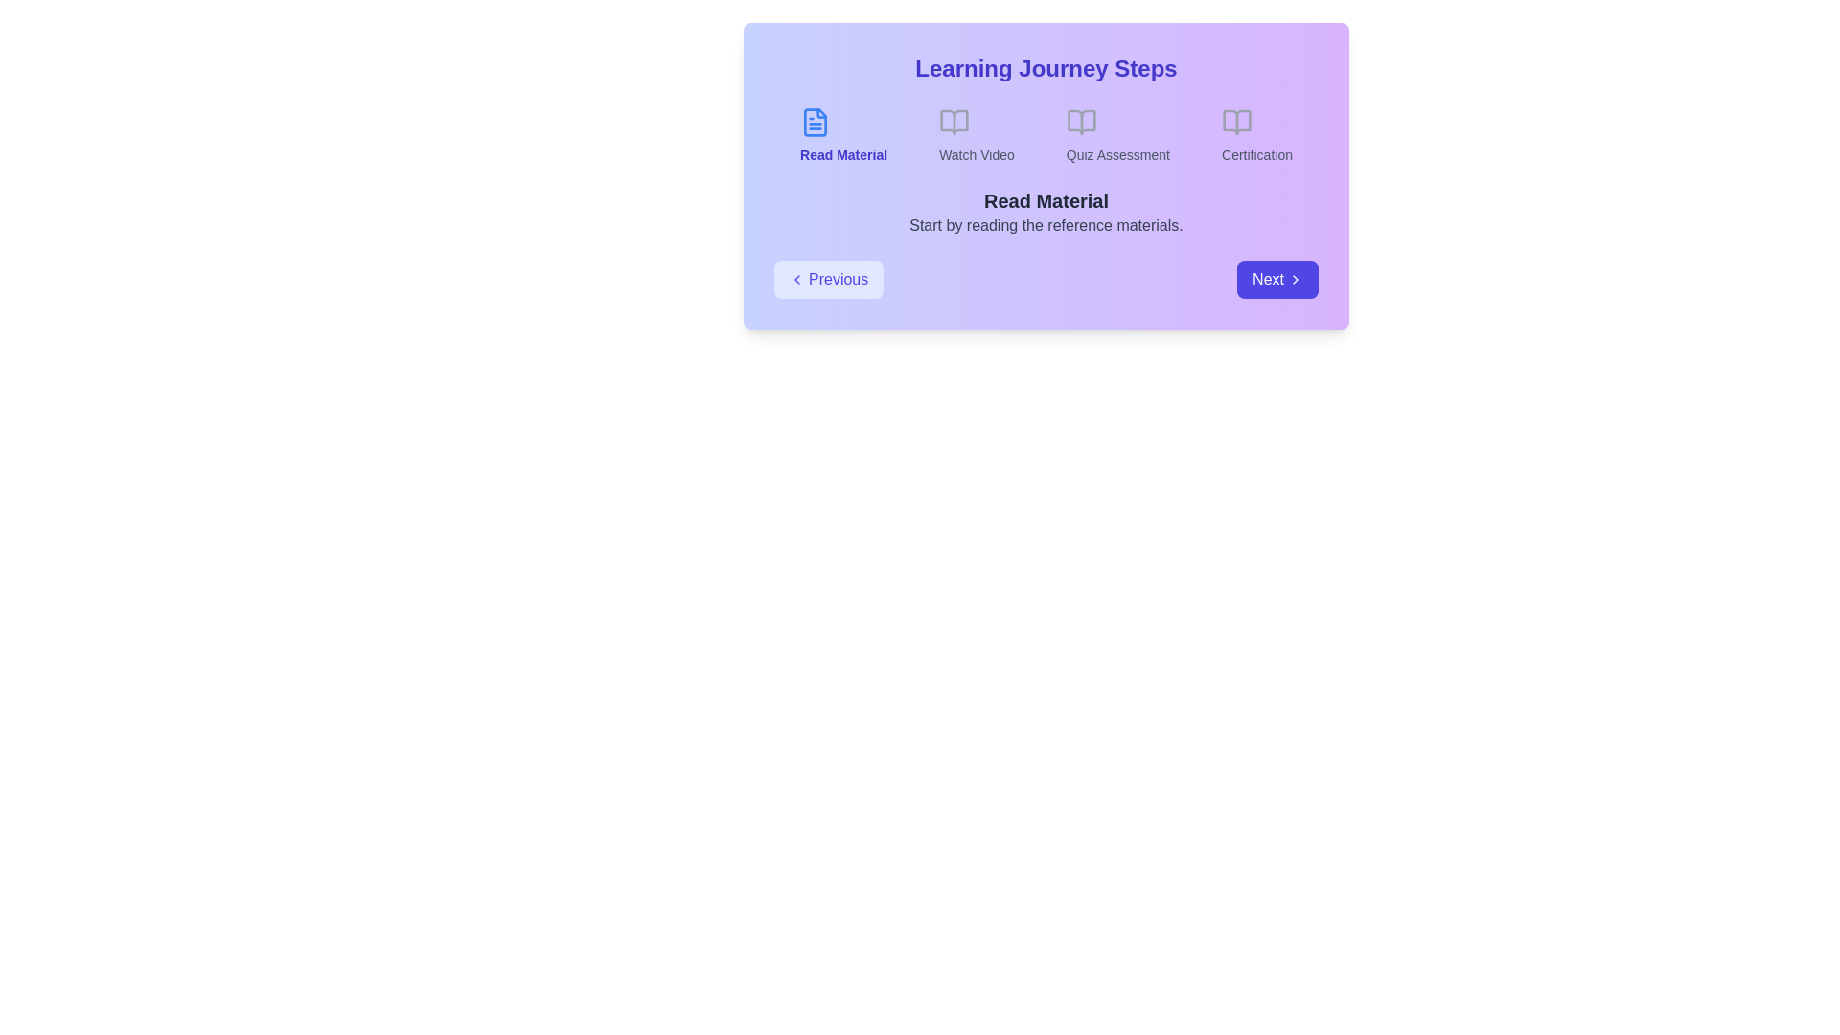  I want to click on the backward navigation button located at the bottom-left corner of the 'Learning Journey Steps' card, so click(829, 280).